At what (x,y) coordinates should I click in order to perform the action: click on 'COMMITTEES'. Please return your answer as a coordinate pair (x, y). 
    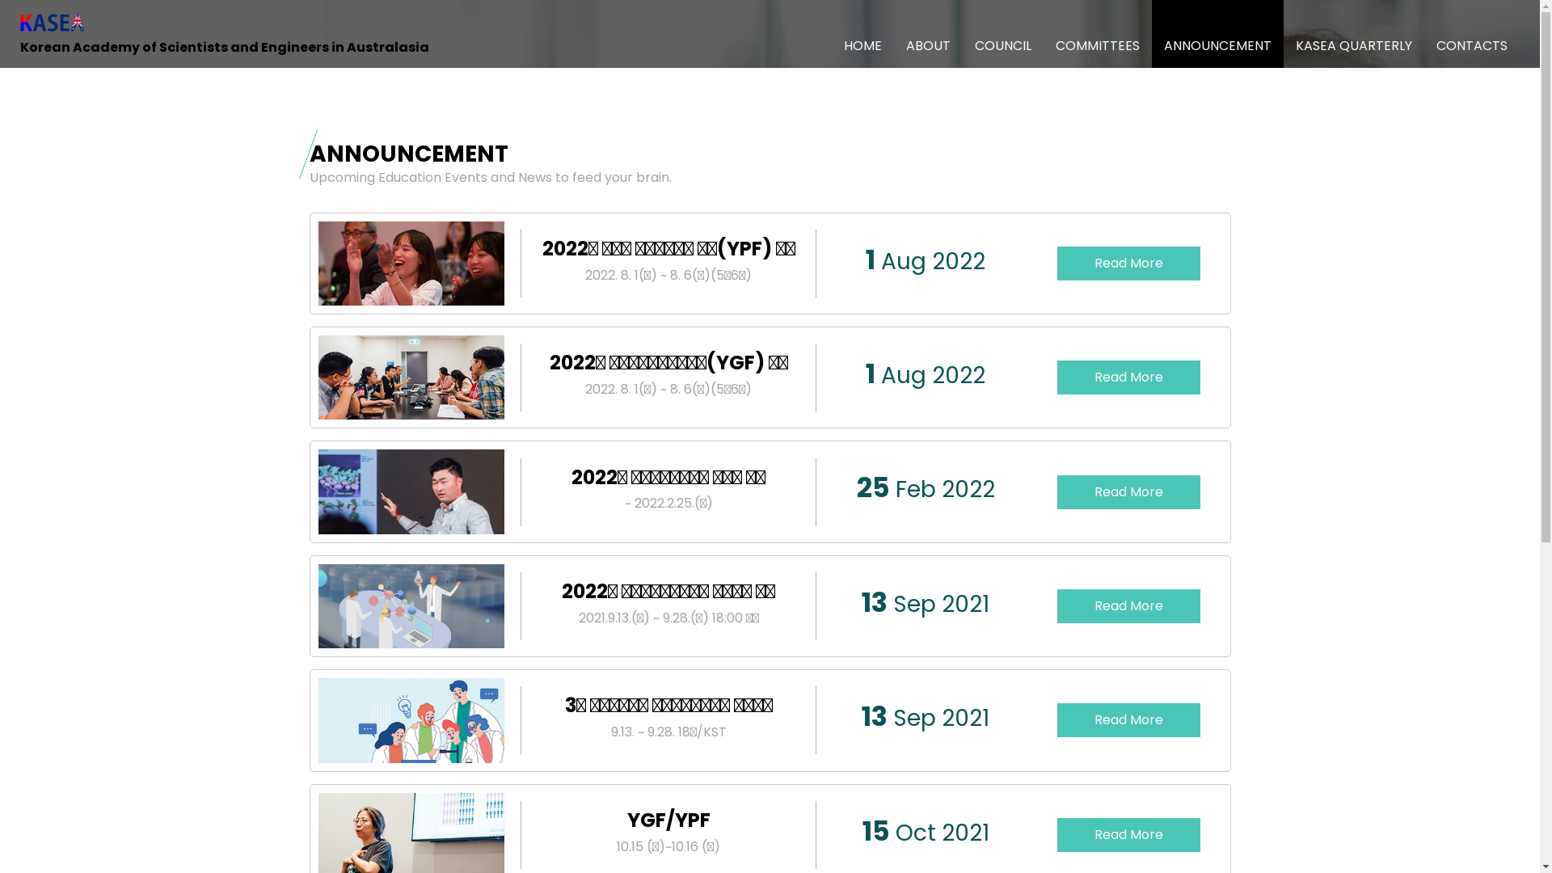
    Looking at the image, I should click on (1098, 34).